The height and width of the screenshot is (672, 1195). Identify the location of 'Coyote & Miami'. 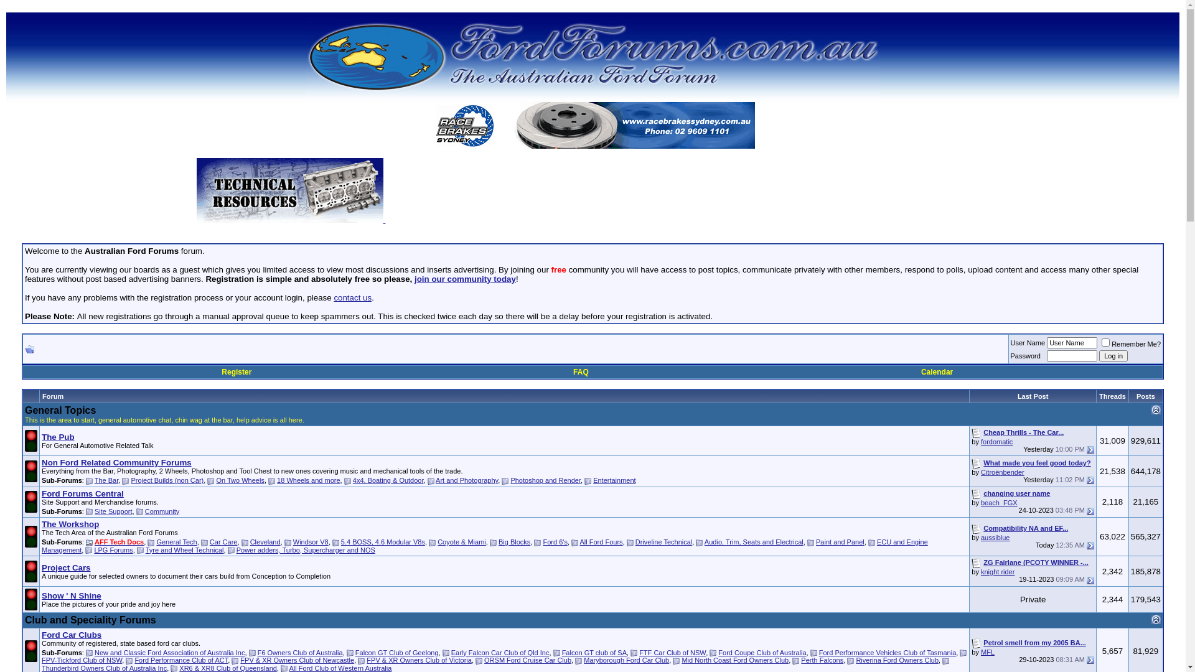
(461, 541).